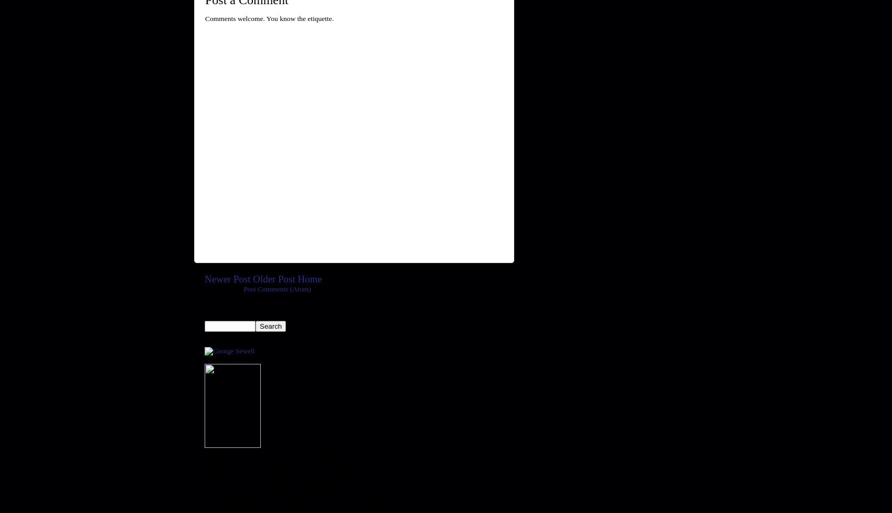 This screenshot has width=892, height=513. Describe the element at coordinates (239, 312) in the screenshot. I see `'Search This Blog'` at that location.